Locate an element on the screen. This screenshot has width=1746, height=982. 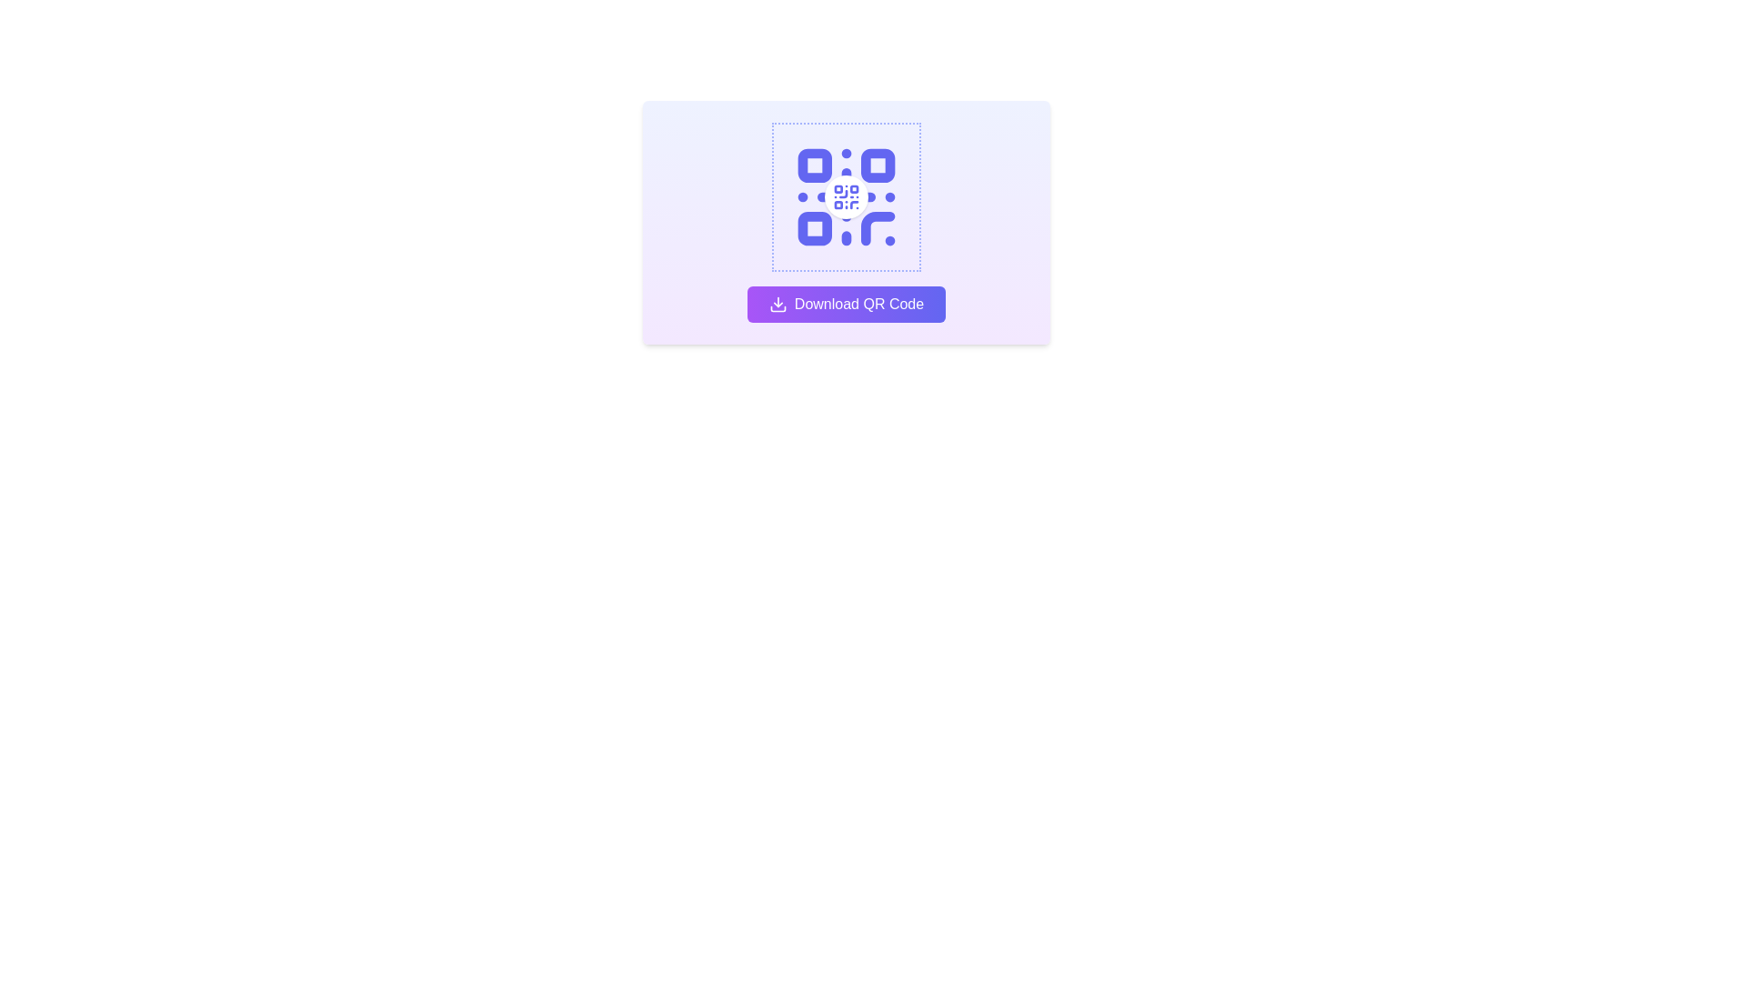
the curved shape is located at coordinates (878, 227).